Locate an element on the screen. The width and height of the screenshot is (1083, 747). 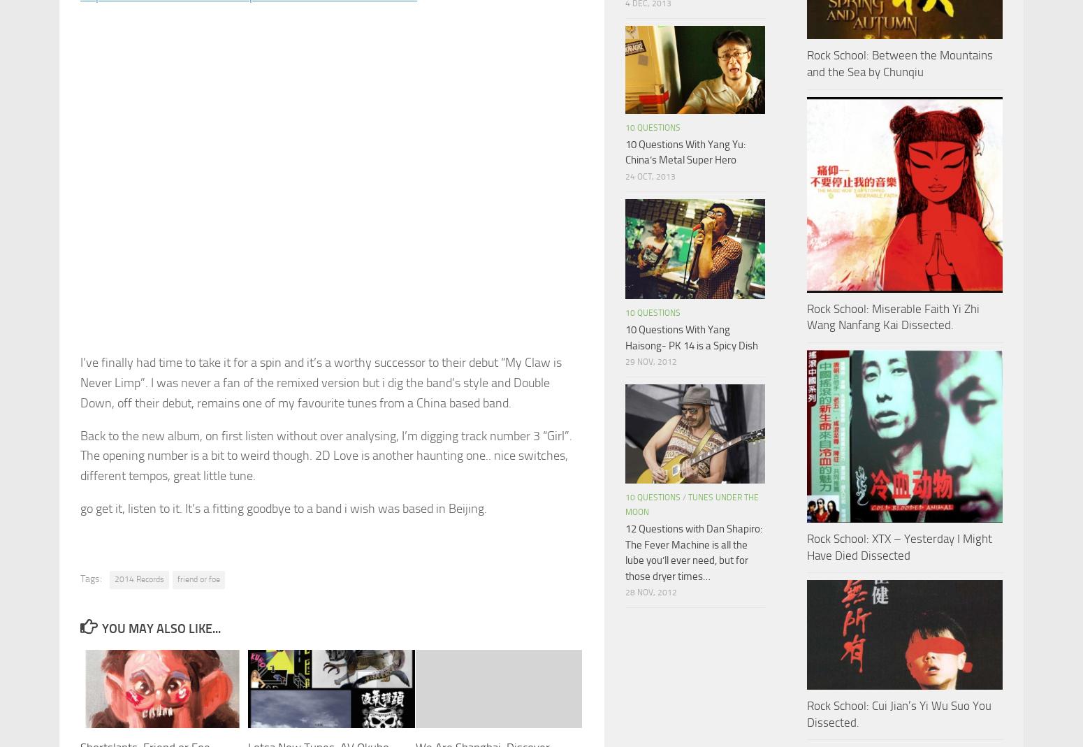
'Rock School: Between the Mountains and the Sea by Chunqiu' is located at coordinates (899, 62).